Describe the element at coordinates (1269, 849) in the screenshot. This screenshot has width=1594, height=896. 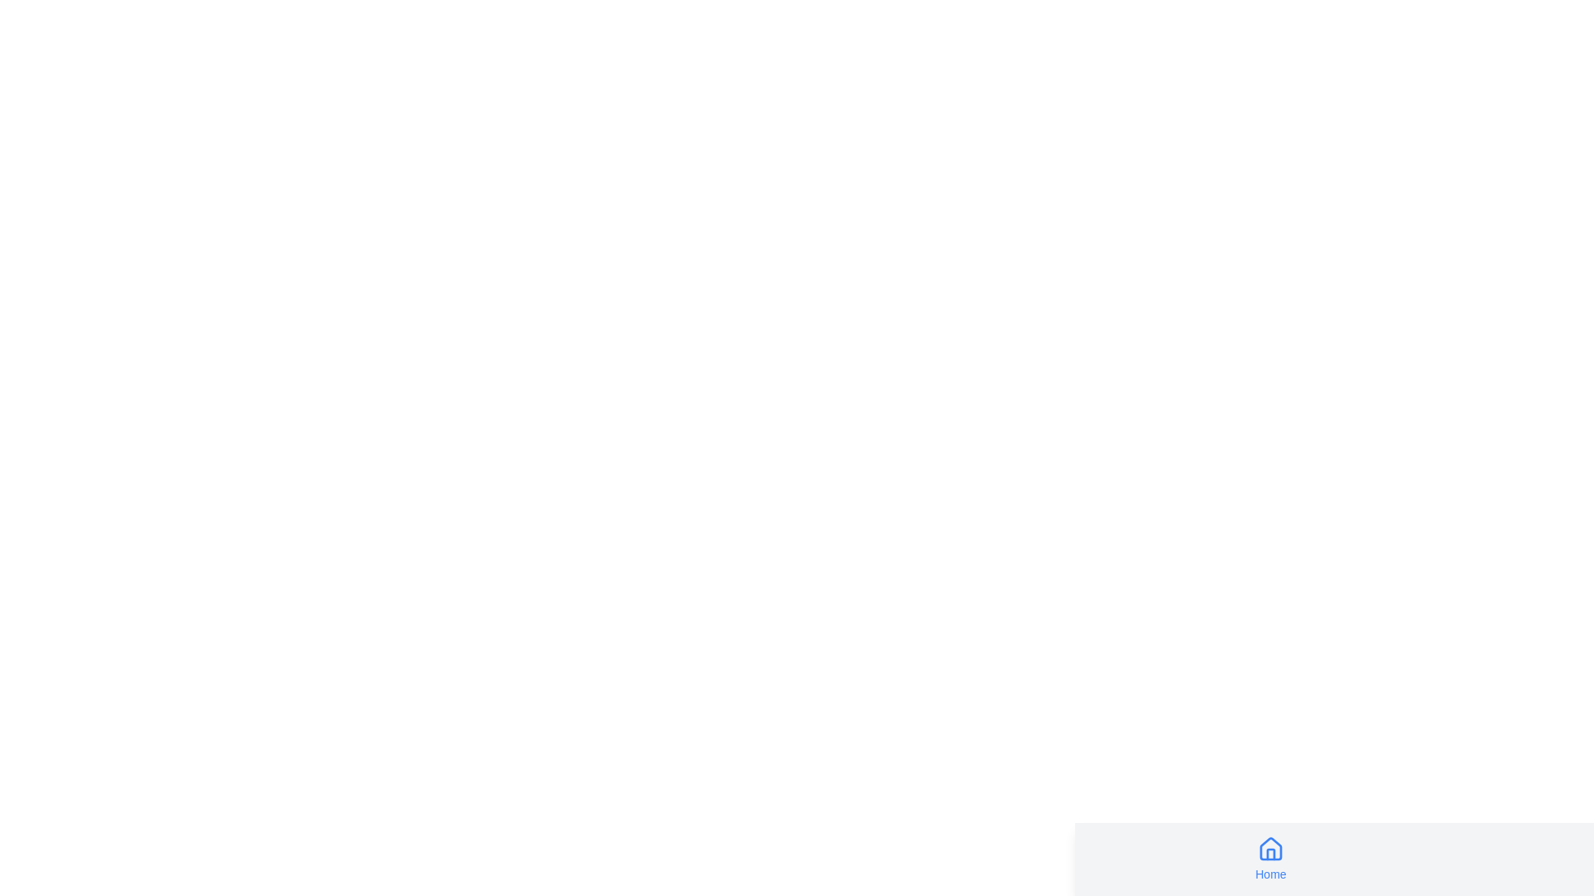
I see `the stylized house icon` at that location.